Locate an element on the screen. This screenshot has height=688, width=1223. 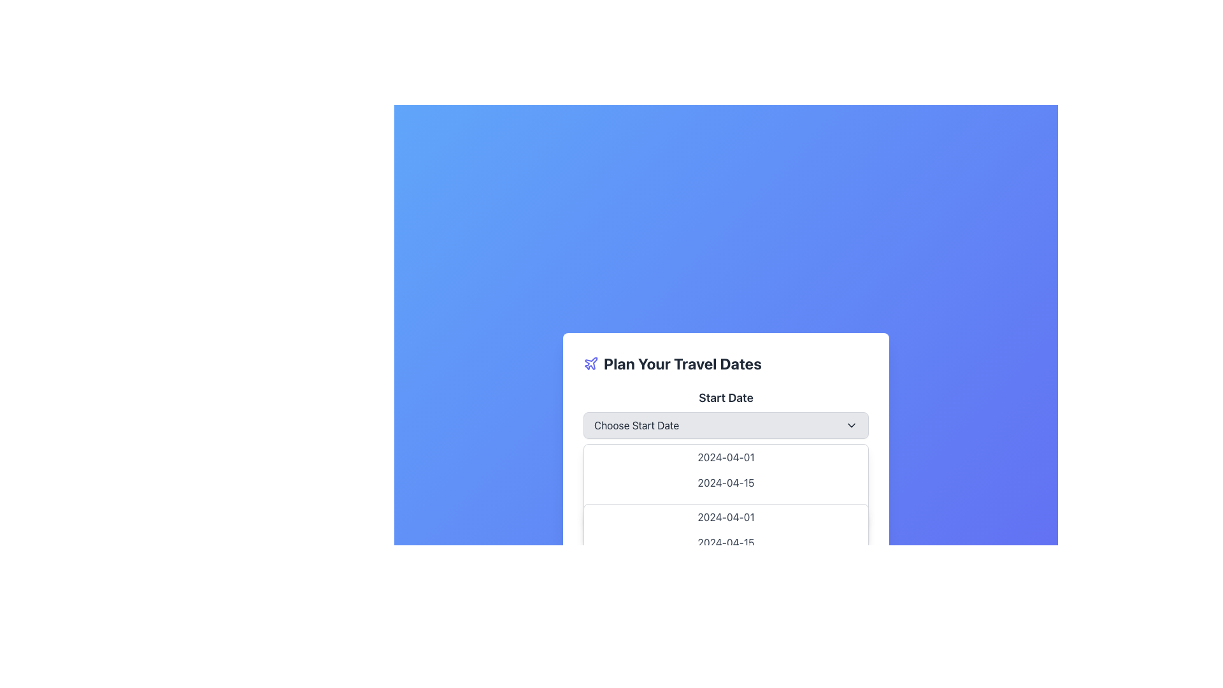
the second item in the dropdown menu is located at coordinates (726, 483).